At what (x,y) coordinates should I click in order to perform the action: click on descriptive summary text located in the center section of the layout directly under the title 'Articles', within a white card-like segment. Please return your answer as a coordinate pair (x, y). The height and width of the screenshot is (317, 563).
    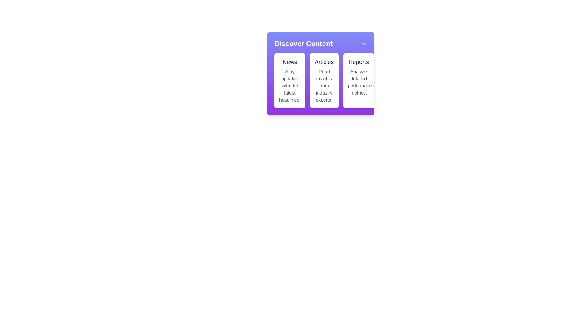
    Looking at the image, I should click on (324, 86).